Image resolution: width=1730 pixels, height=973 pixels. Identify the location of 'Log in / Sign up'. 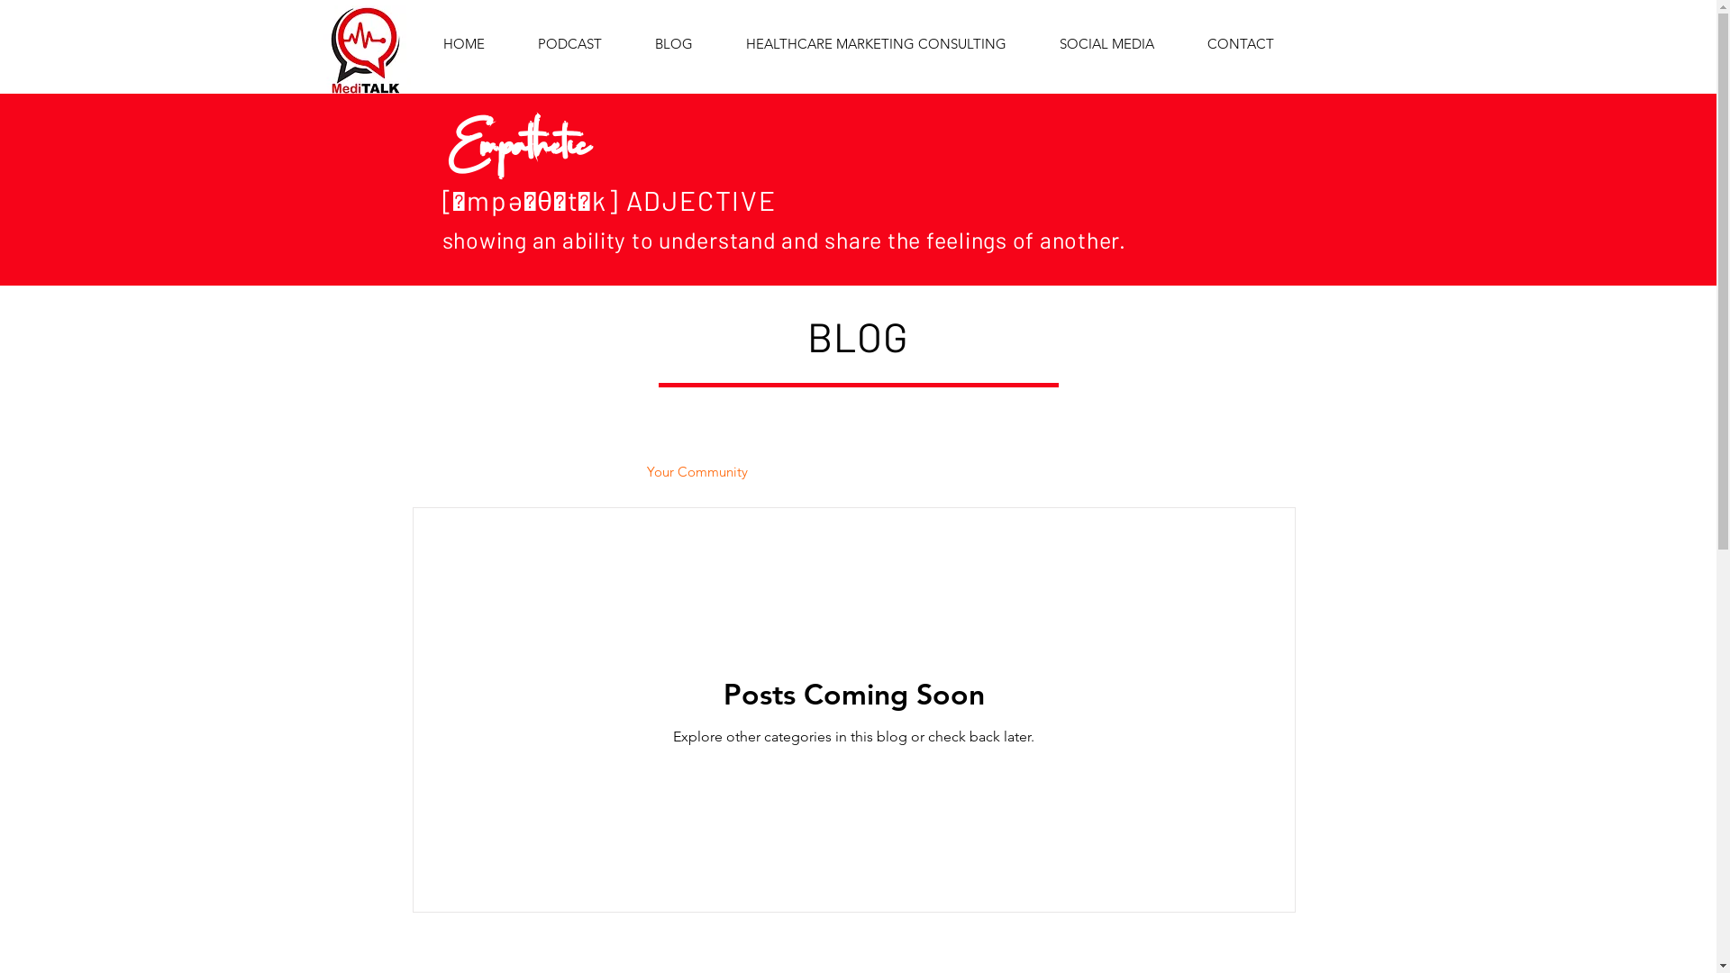
(1208, 470).